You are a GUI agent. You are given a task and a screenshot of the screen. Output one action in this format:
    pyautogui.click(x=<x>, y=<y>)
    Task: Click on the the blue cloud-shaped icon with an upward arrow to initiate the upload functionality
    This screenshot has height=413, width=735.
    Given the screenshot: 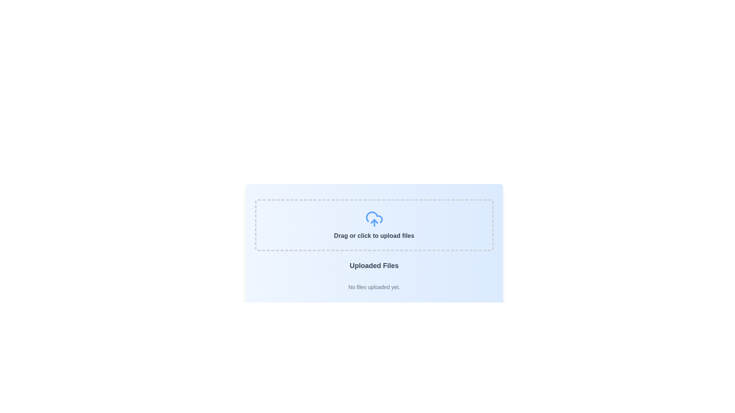 What is the action you would take?
    pyautogui.click(x=374, y=219)
    